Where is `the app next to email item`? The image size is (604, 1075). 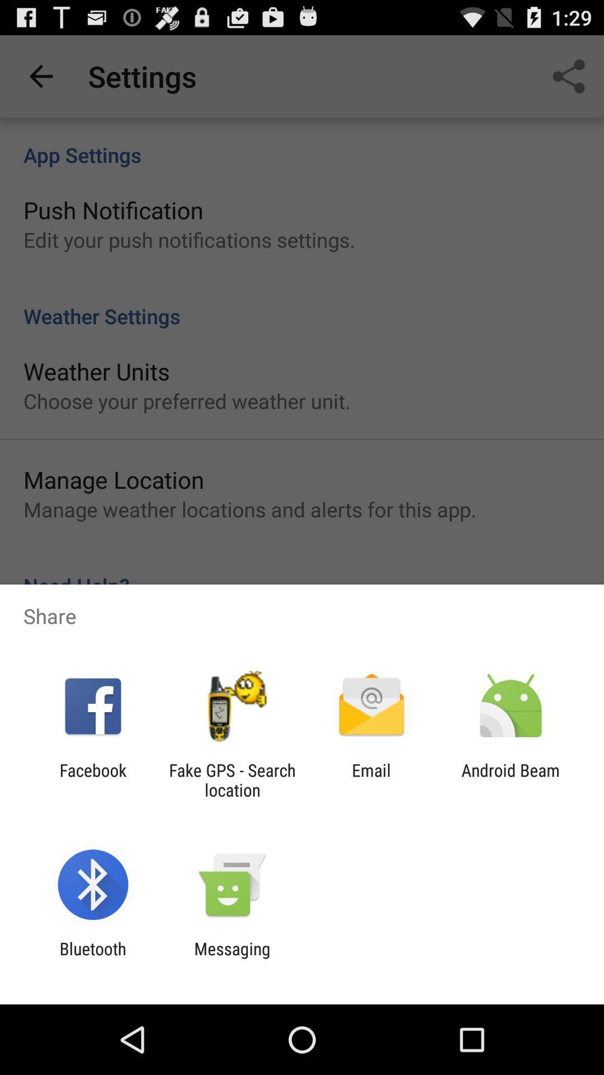 the app next to email item is located at coordinates (511, 779).